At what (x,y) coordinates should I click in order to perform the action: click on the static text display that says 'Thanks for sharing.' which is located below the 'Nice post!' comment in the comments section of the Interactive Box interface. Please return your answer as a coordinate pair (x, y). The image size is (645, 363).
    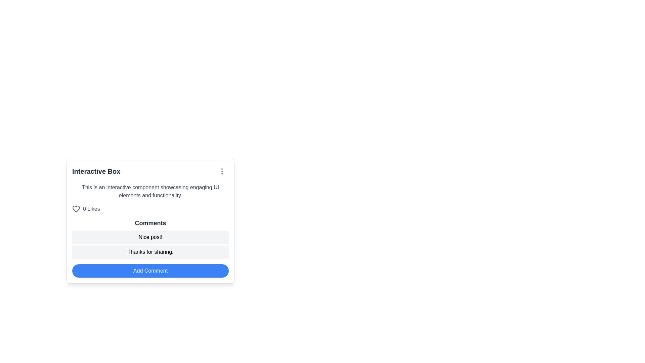
    Looking at the image, I should click on (150, 252).